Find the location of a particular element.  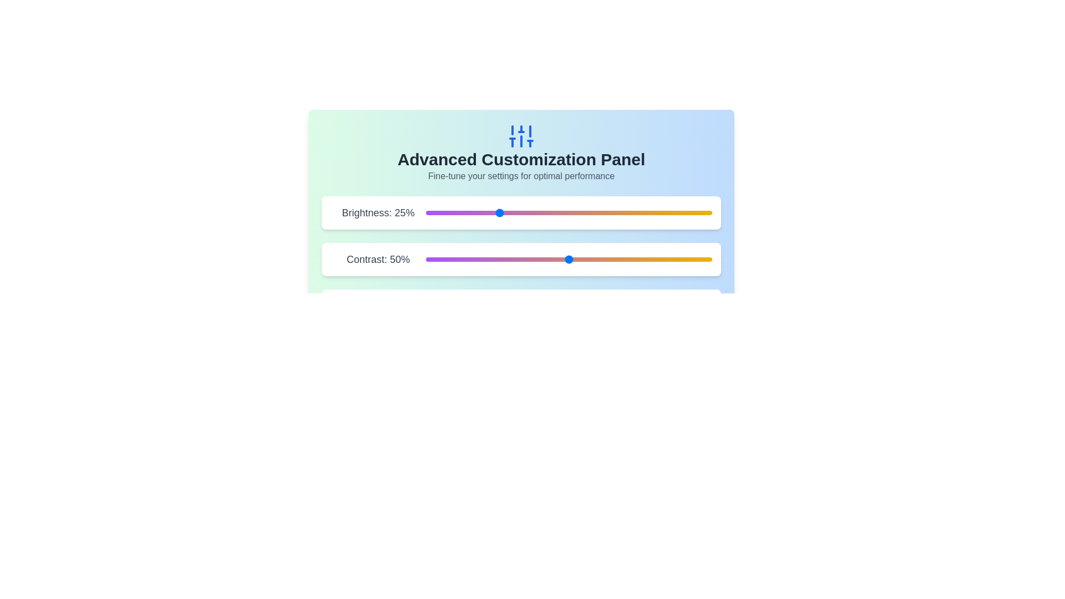

the brightness slider to 61% is located at coordinates (600, 213).